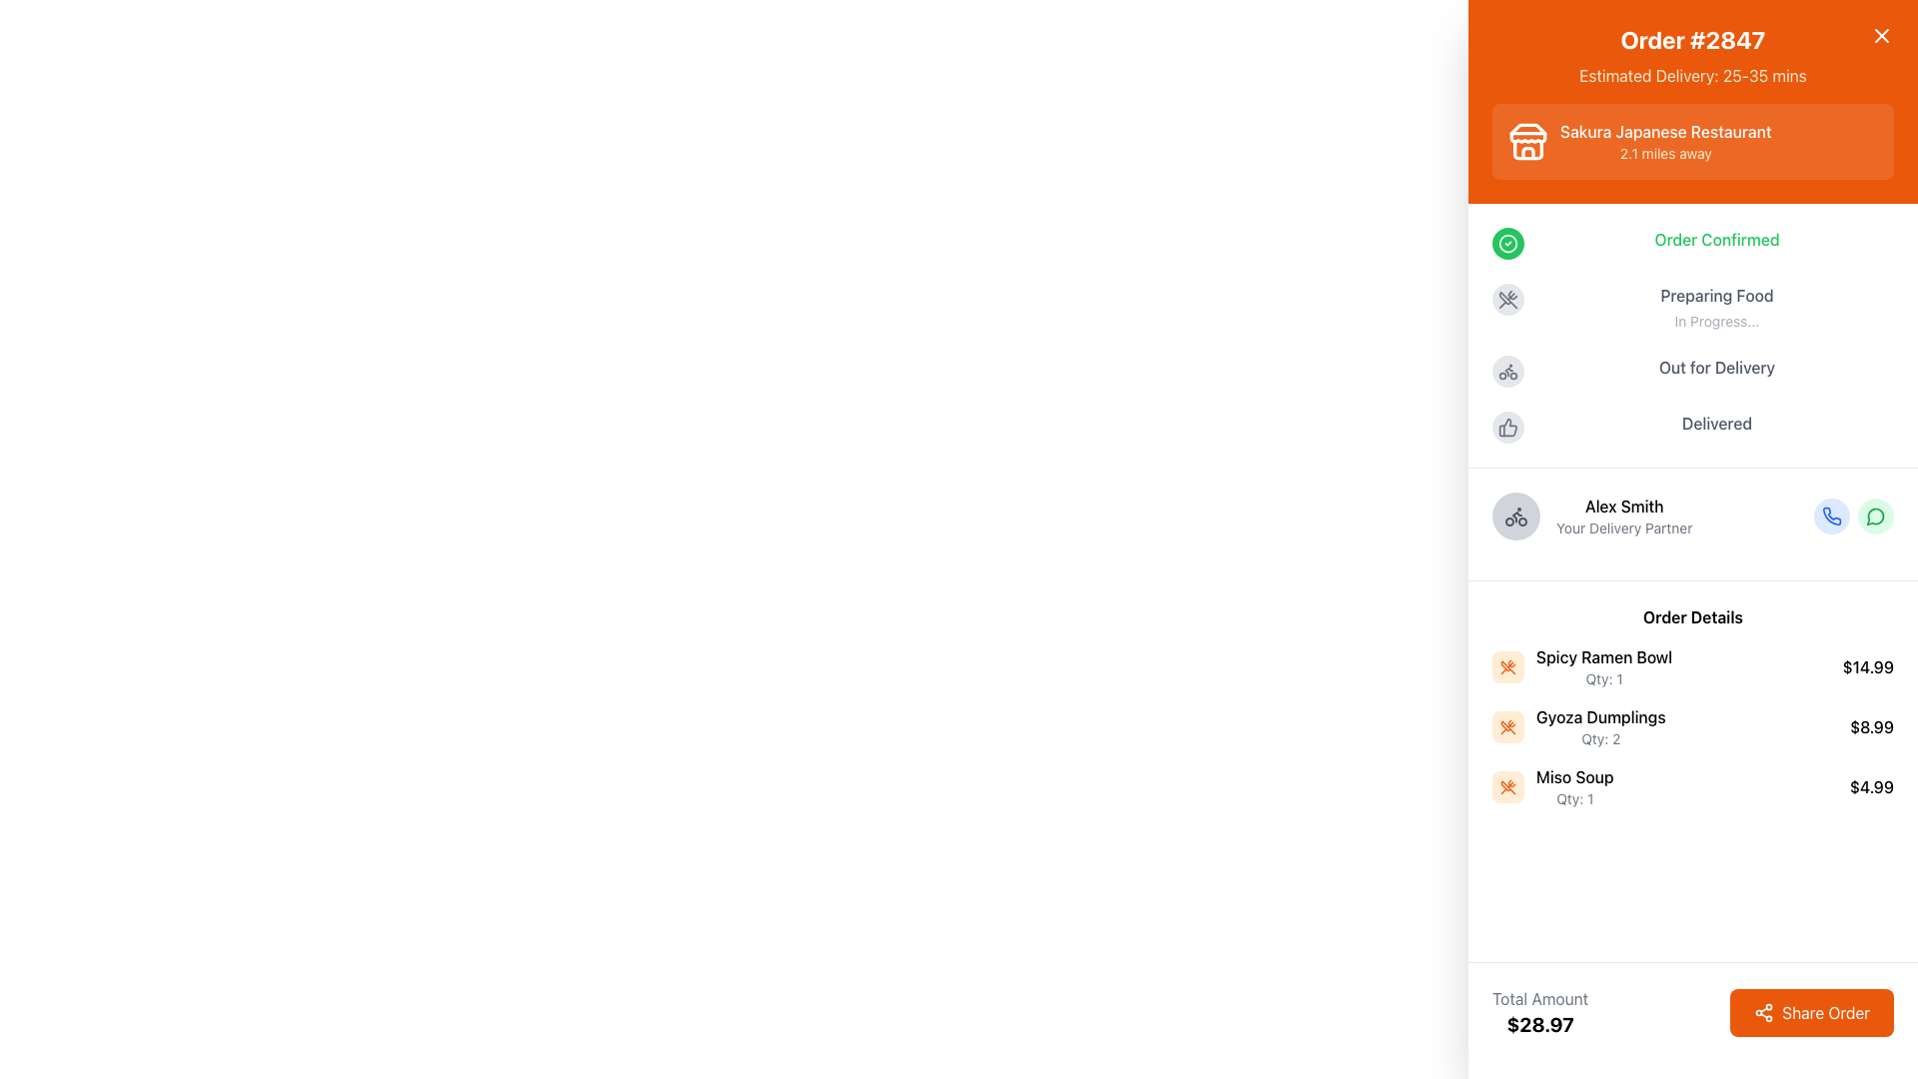 This screenshot has width=1918, height=1079. I want to click on the Text label displaying the price '$8.99' in the 'Order Details' section for 'Gyoza Dumplings', so click(1871, 727).